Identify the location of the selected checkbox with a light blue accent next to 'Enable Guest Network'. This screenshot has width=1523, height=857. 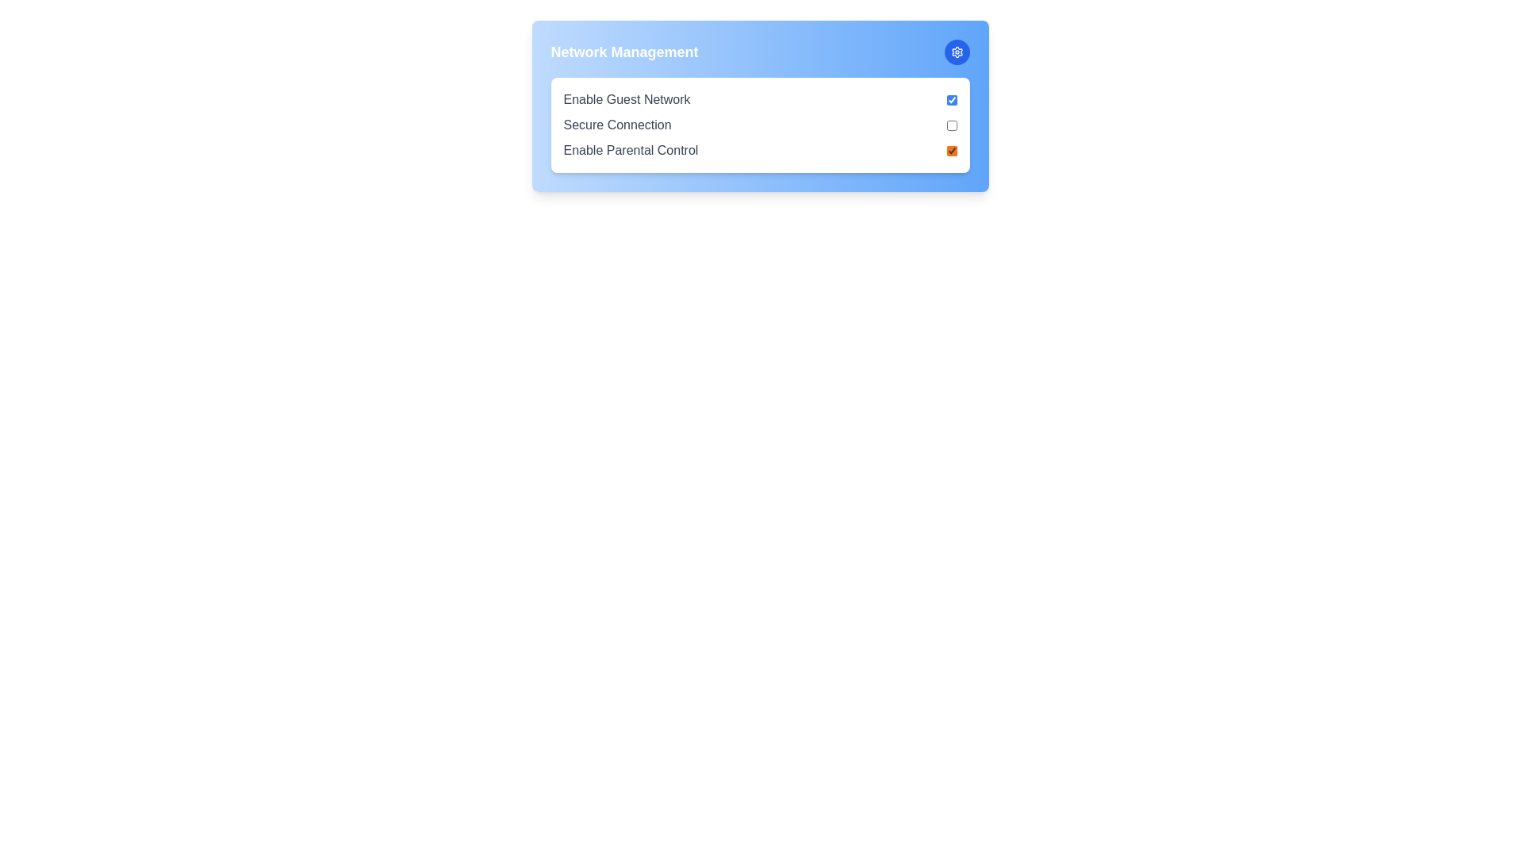
(952, 100).